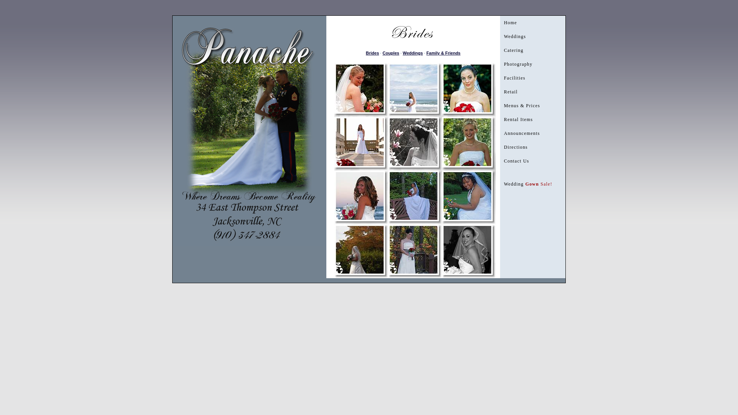 This screenshot has height=415, width=738. I want to click on 'Wedding Gown Sale!', so click(532, 184).